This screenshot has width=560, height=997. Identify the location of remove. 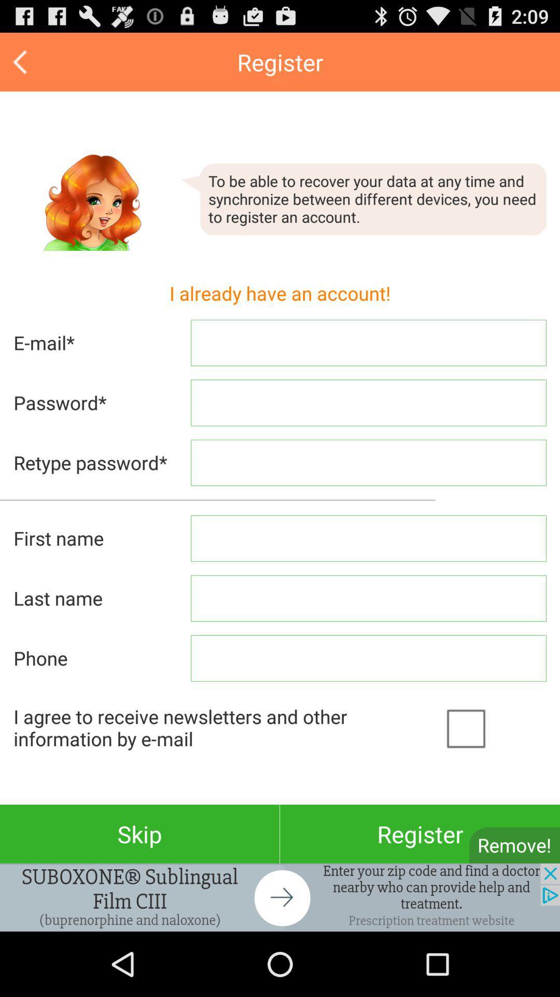
(514, 845).